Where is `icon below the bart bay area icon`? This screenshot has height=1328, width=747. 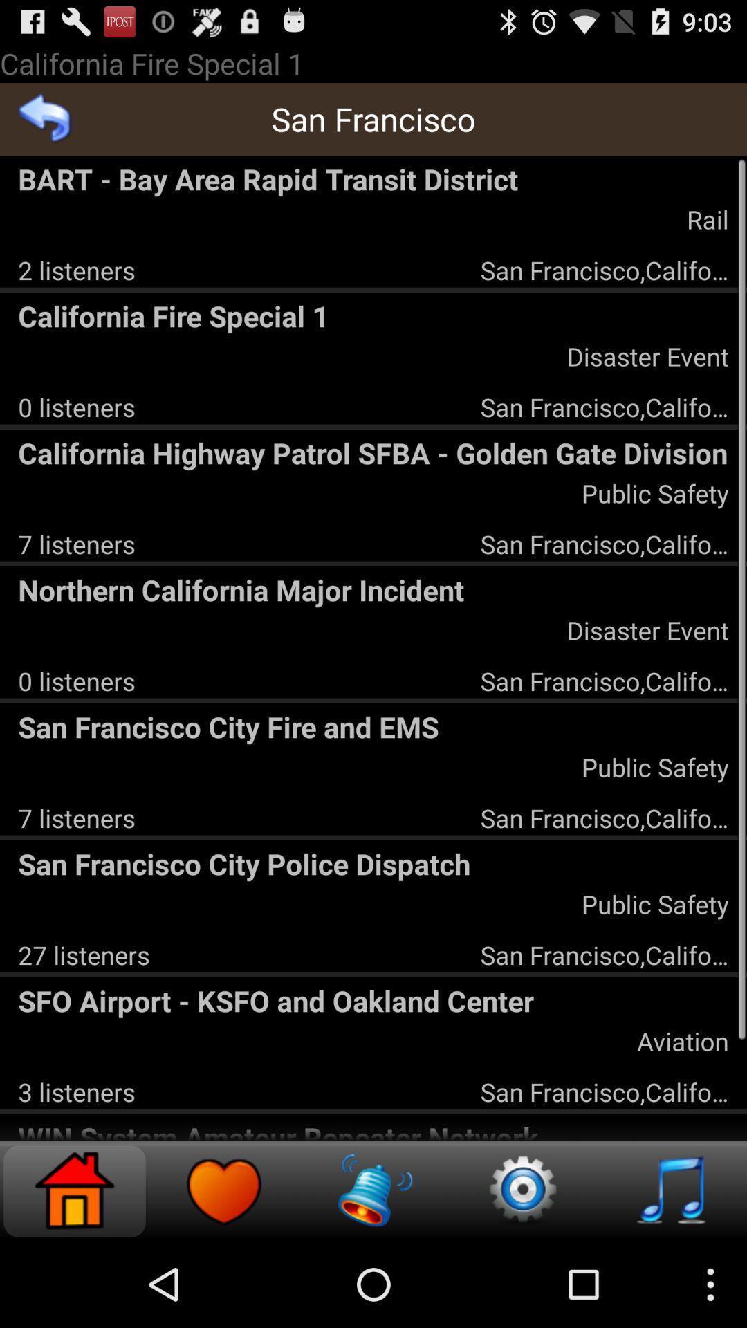 icon below the bart bay area icon is located at coordinates (708, 219).